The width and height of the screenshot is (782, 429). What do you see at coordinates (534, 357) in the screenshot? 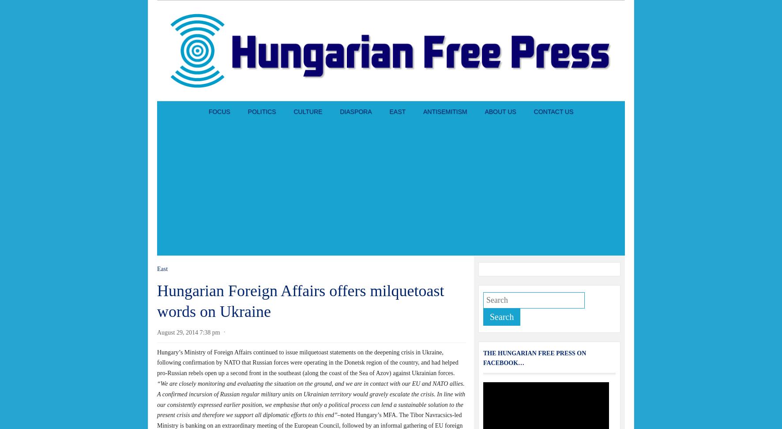
I see `'The Hungarian Free Press on Facebook…'` at bounding box center [534, 357].